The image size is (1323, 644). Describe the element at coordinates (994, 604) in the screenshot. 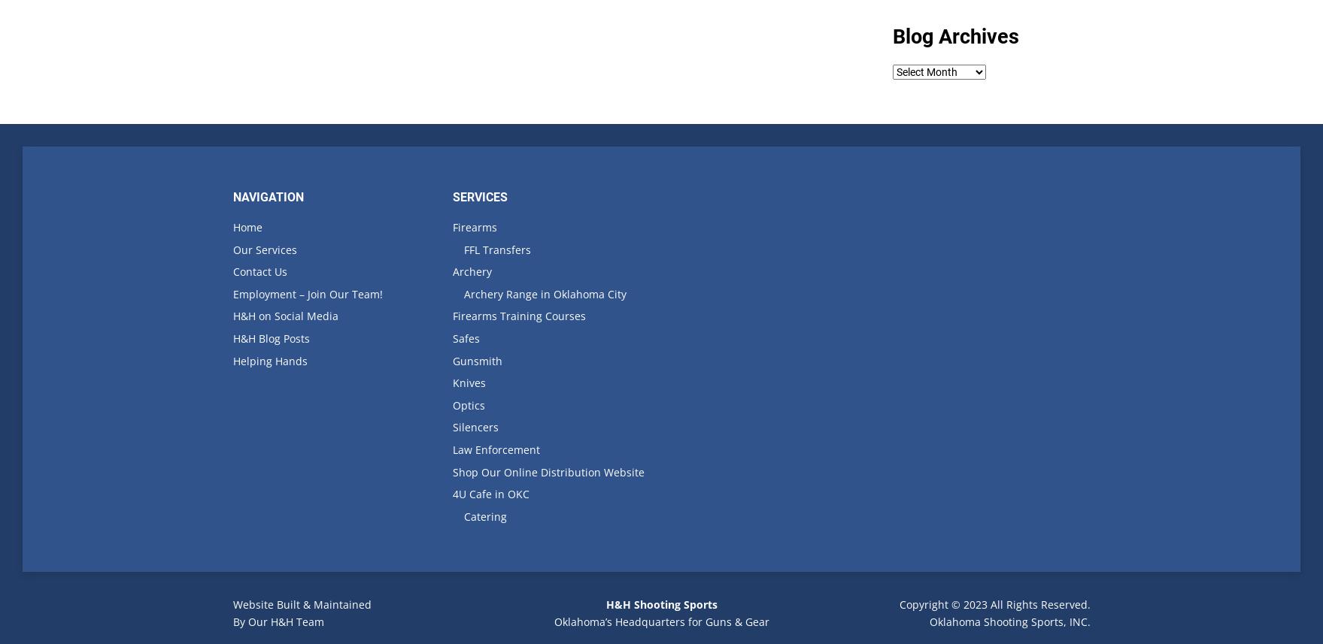

I see `'Copyright  © 2023 All Rights Reserved.'` at that location.